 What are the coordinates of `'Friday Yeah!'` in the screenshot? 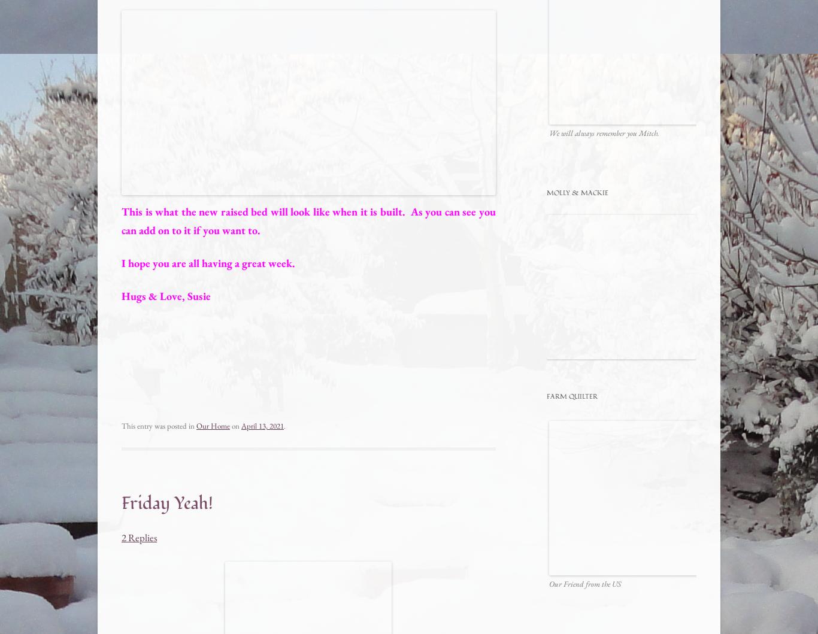 It's located at (120, 502).